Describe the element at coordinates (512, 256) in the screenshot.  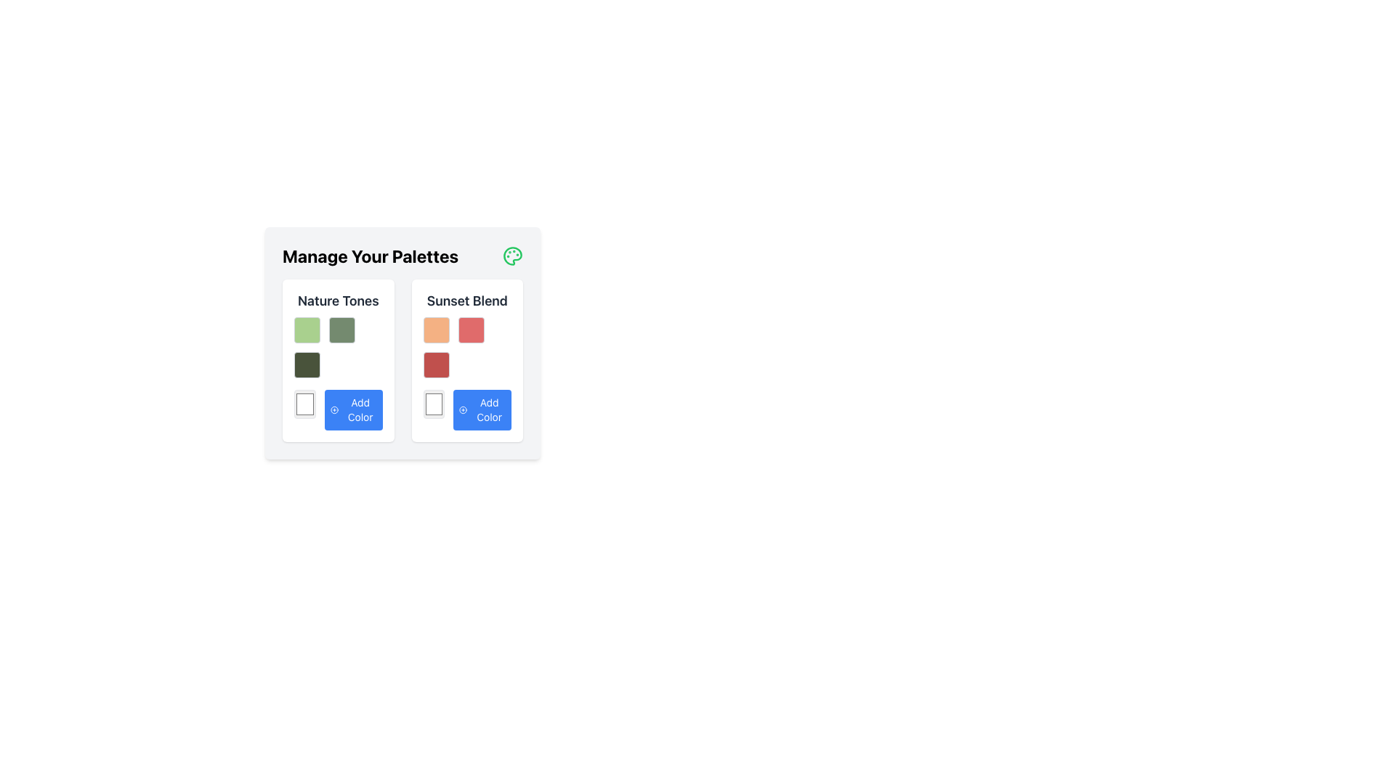
I see `the green-colored palette icon located in the top-right corner of the 'Manage Your Palettes' card, adjacent to the label 'Manage Your Palettes'` at that location.